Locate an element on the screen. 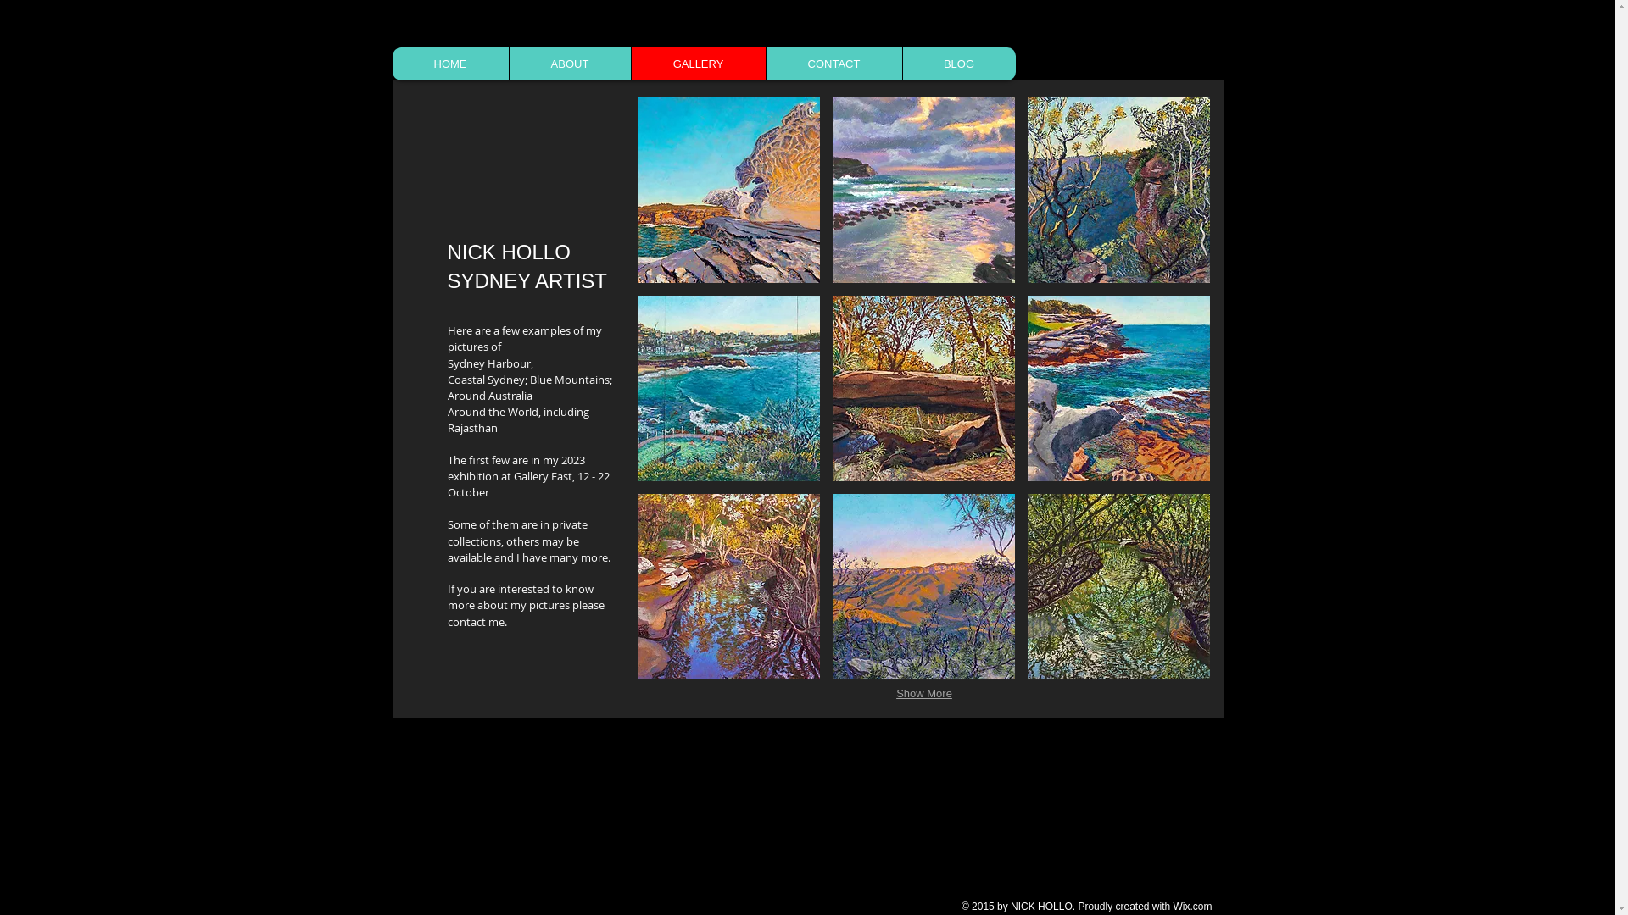 Image resolution: width=1628 pixels, height=915 pixels. 'CONTACT' is located at coordinates (833, 63).